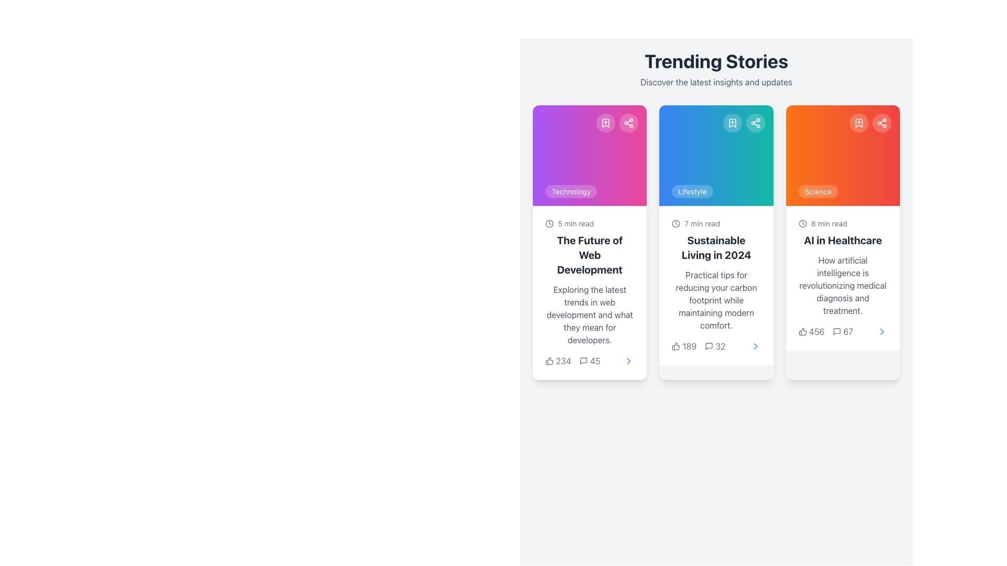 The image size is (1007, 566). Describe the element at coordinates (583, 361) in the screenshot. I see `the comment icon located at the bottom section of the card component, which is to the left of the numeric label '45'` at that location.